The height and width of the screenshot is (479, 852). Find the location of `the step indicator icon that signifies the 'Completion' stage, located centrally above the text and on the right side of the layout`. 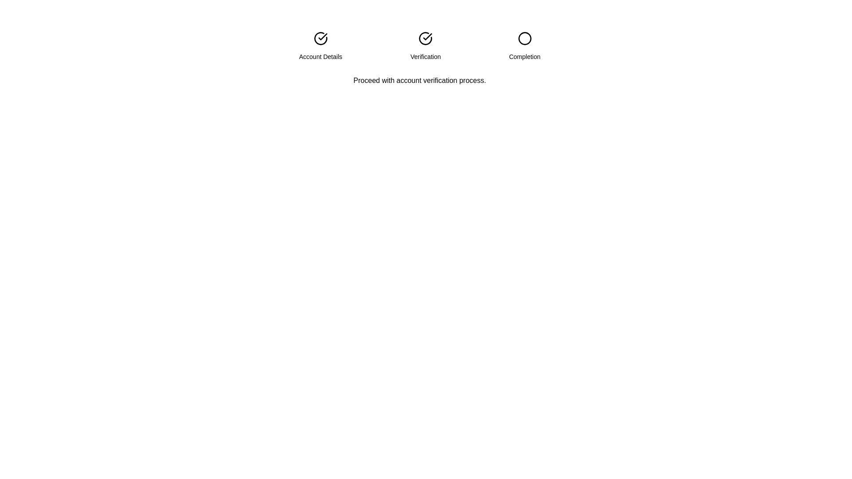

the step indicator icon that signifies the 'Completion' stage, located centrally above the text and on the right side of the layout is located at coordinates (525, 38).